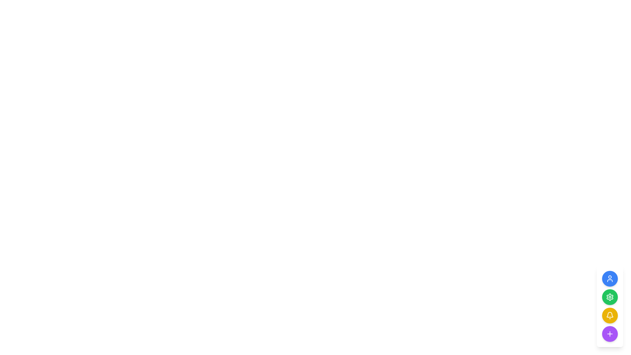 This screenshot has height=355, width=631. I want to click on the third circular button with a yellow background and a white bell icon located, so click(610, 306).